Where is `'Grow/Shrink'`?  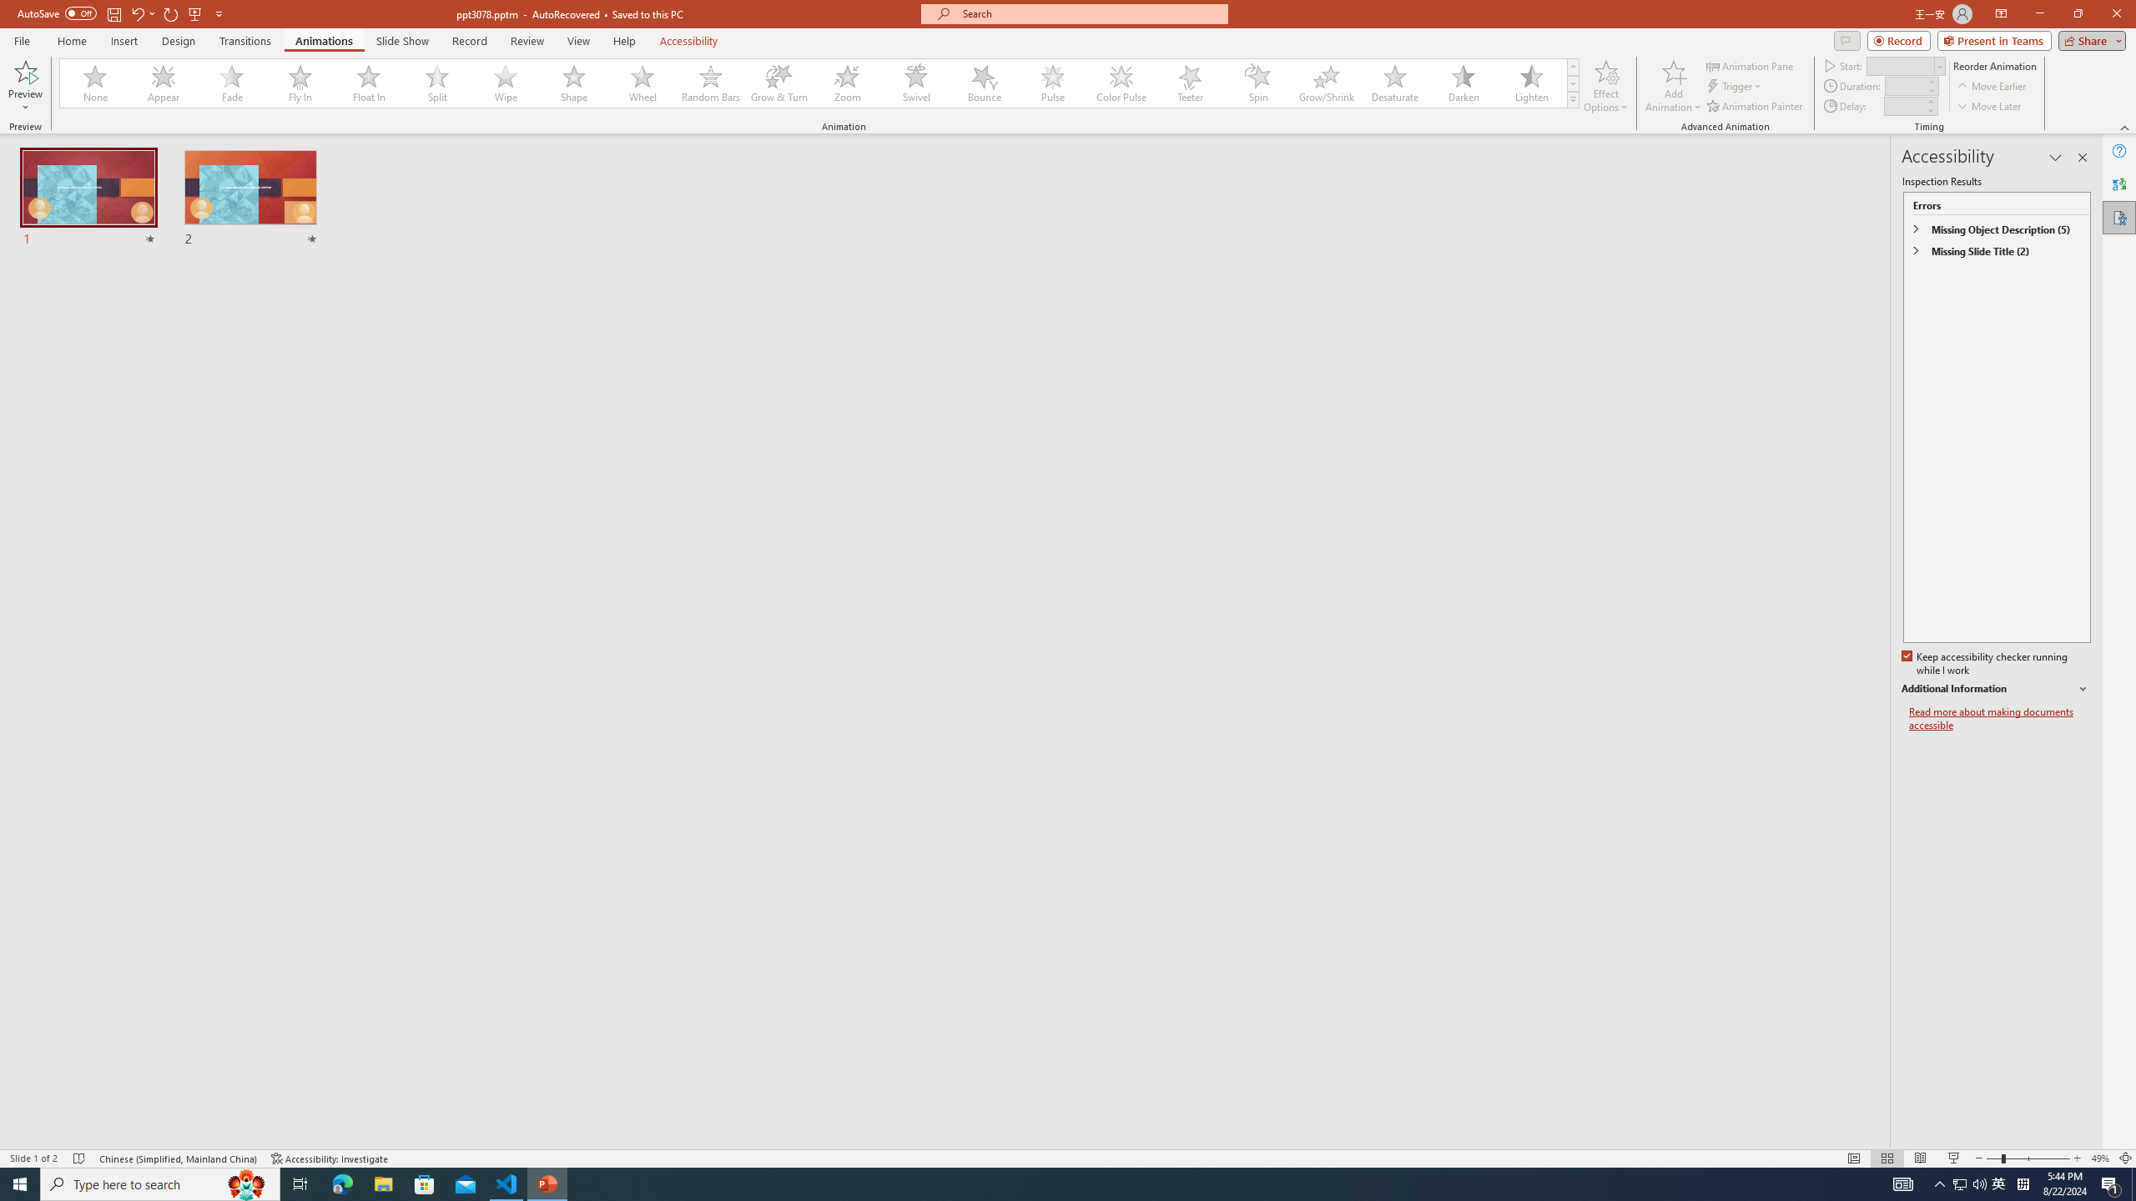 'Grow/Shrink' is located at coordinates (1326, 83).